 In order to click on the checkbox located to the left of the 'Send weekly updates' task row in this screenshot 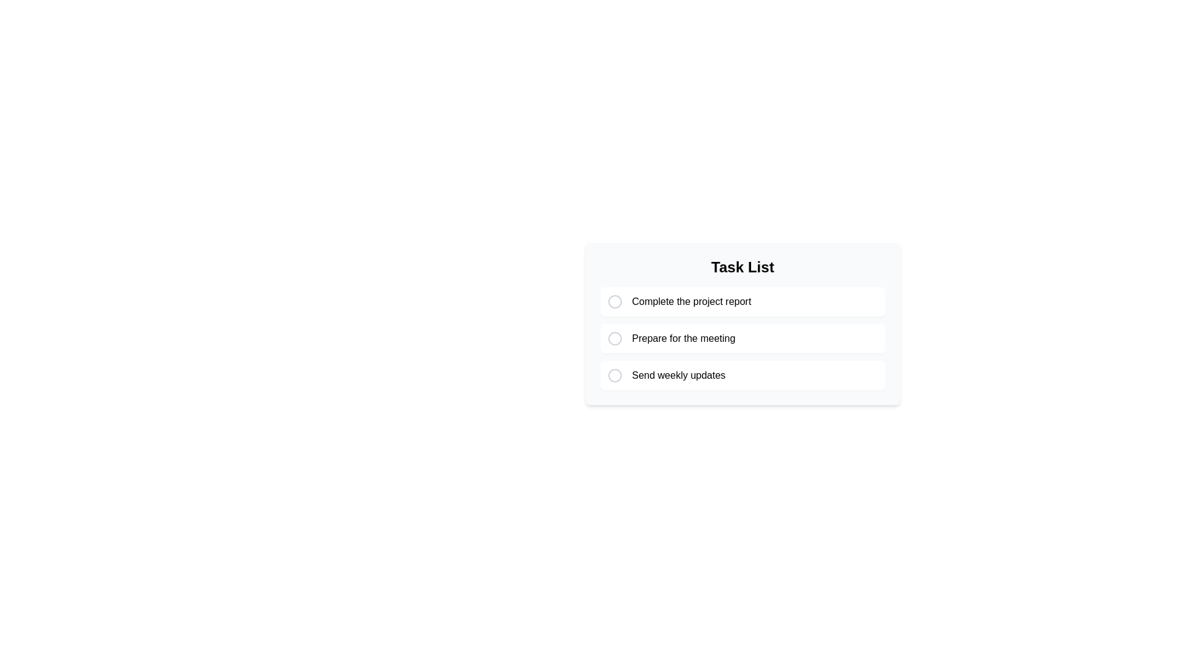, I will do `click(614, 374)`.